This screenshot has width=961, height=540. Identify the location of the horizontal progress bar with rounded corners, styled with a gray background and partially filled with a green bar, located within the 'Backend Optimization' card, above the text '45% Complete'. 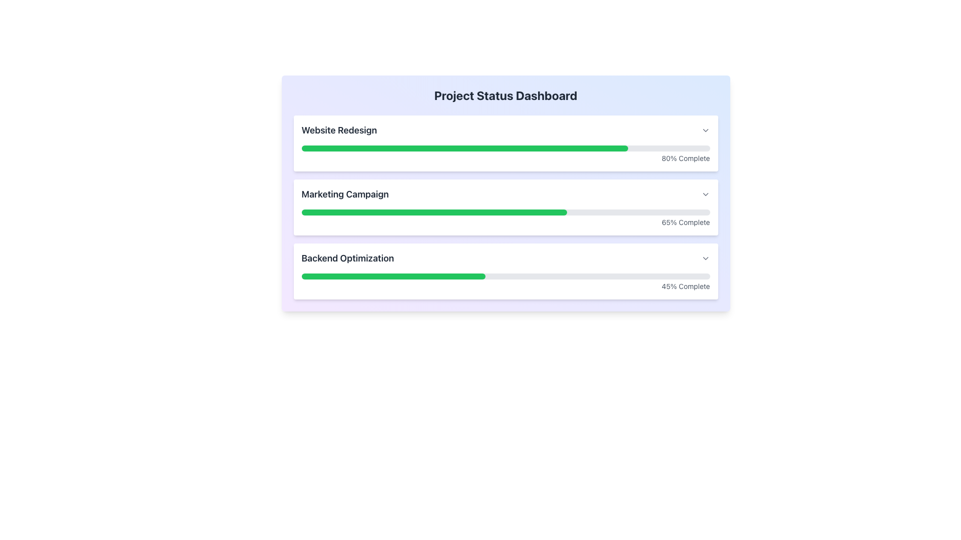
(506, 276).